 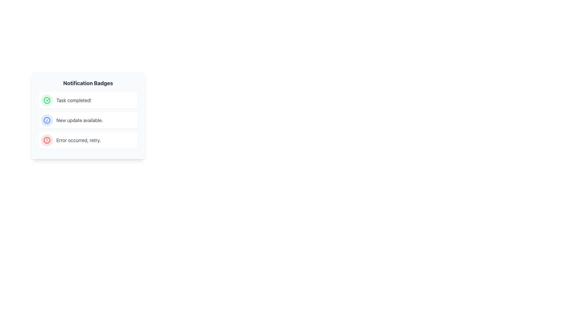 I want to click on the blue outlined SVG Circle that represents the second notification item in the list of notifications, so click(x=46, y=120).